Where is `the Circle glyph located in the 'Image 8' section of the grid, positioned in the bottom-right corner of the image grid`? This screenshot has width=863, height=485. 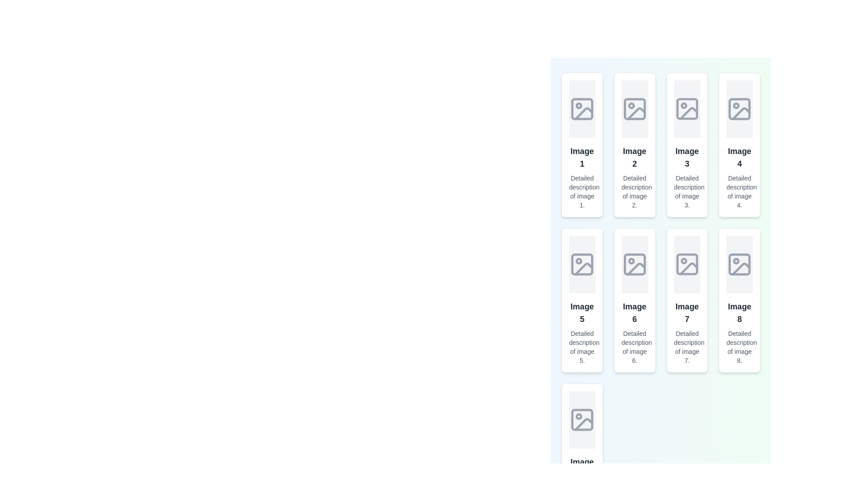
the Circle glyph located in the 'Image 8' section of the grid, positioned in the bottom-right corner of the image grid is located at coordinates (736, 261).